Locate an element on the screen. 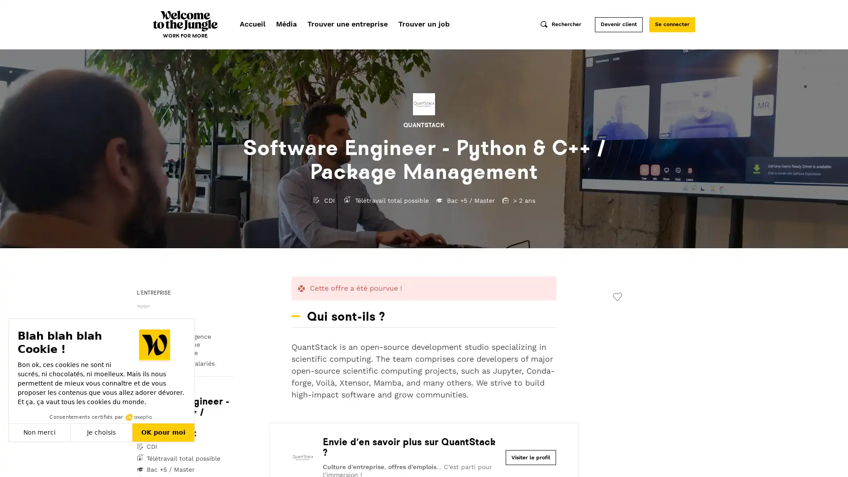 The width and height of the screenshot is (848, 477). Fermer is located at coordinates (17, 461).